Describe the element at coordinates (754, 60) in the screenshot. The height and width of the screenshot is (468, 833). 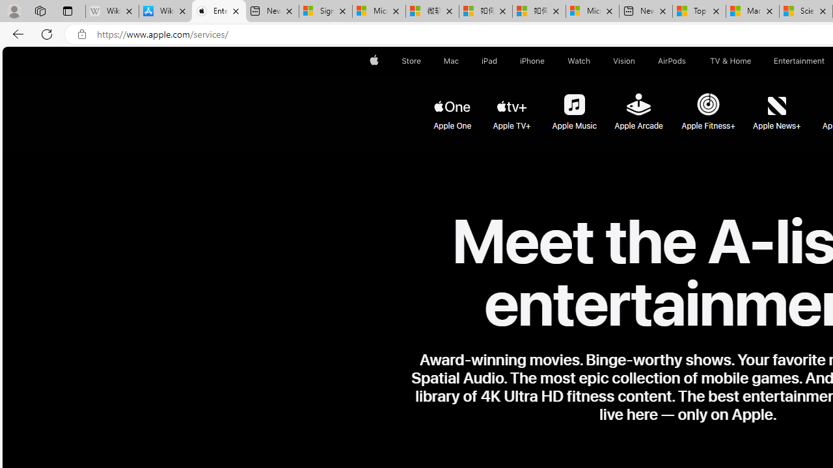
I see `'TV and Home menu'` at that location.